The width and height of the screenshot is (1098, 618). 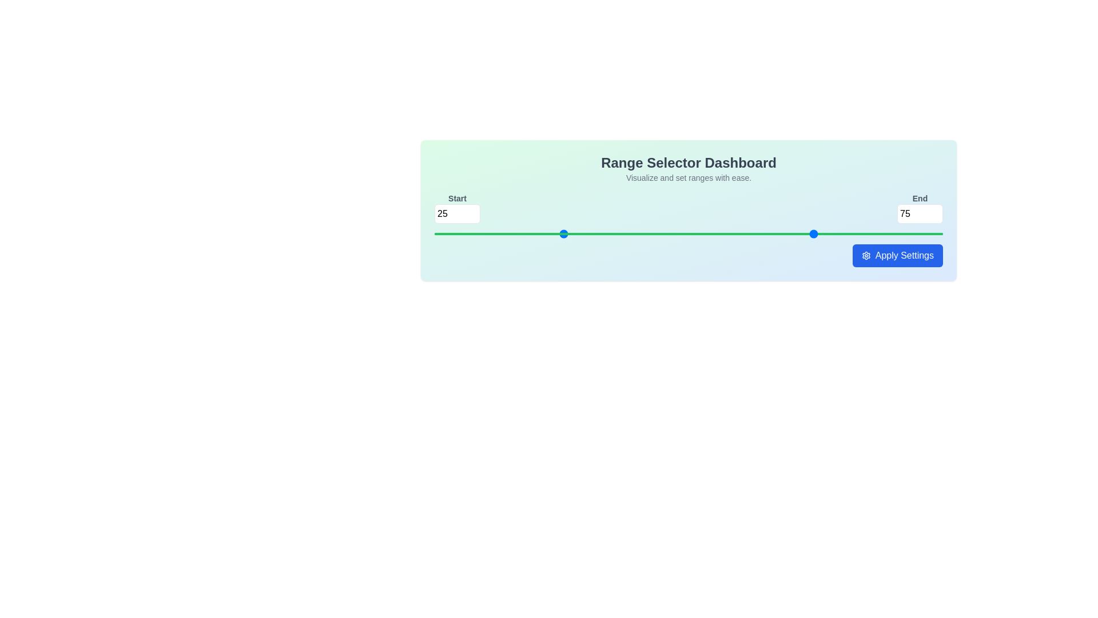 I want to click on the slider, so click(x=622, y=233).